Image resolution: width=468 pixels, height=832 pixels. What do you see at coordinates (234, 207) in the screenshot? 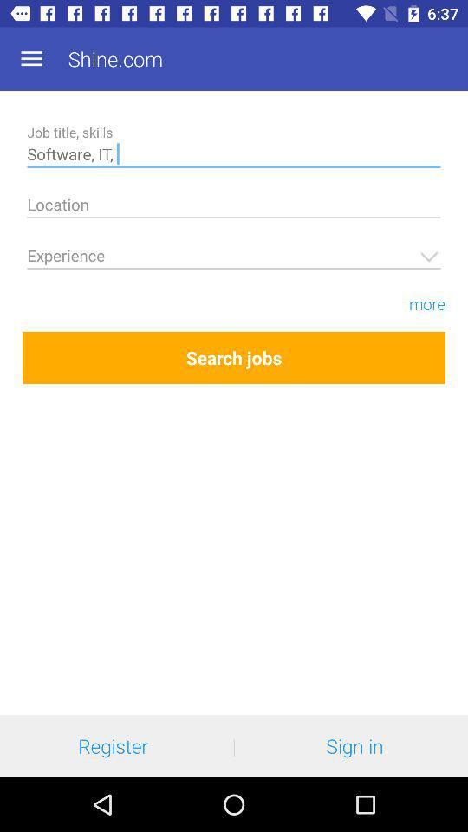
I see `information` at bounding box center [234, 207].